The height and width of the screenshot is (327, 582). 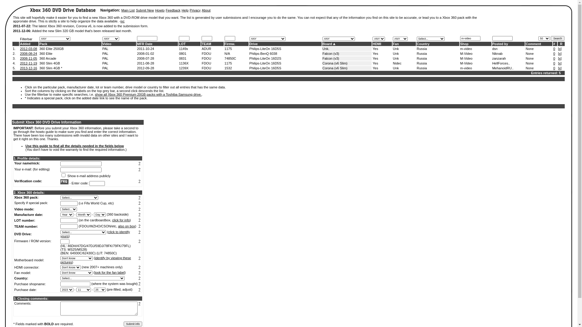 I want to click on '1149x', so click(x=183, y=48).